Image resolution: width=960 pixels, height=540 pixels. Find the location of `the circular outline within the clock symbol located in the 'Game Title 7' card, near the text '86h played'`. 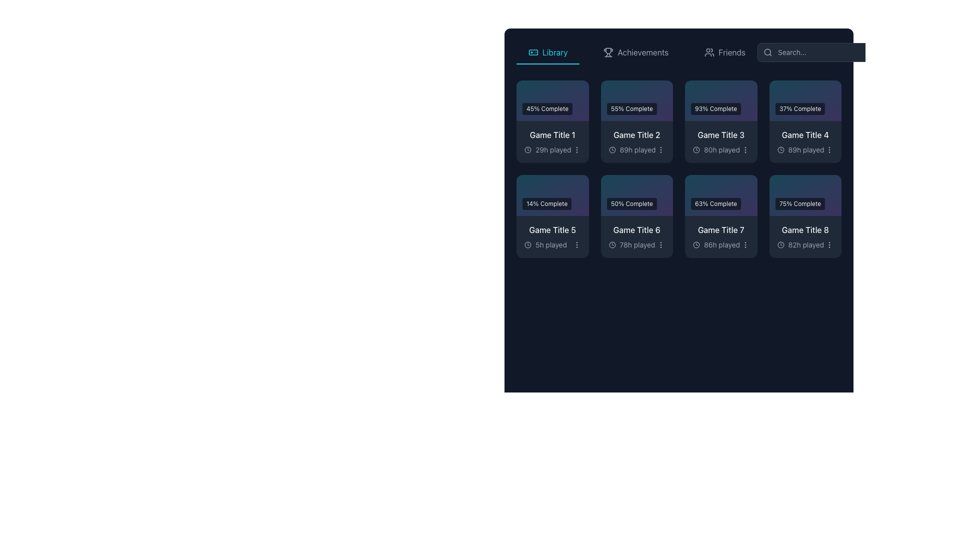

the circular outline within the clock symbol located in the 'Game Title 7' card, near the text '86h played' is located at coordinates (695, 244).